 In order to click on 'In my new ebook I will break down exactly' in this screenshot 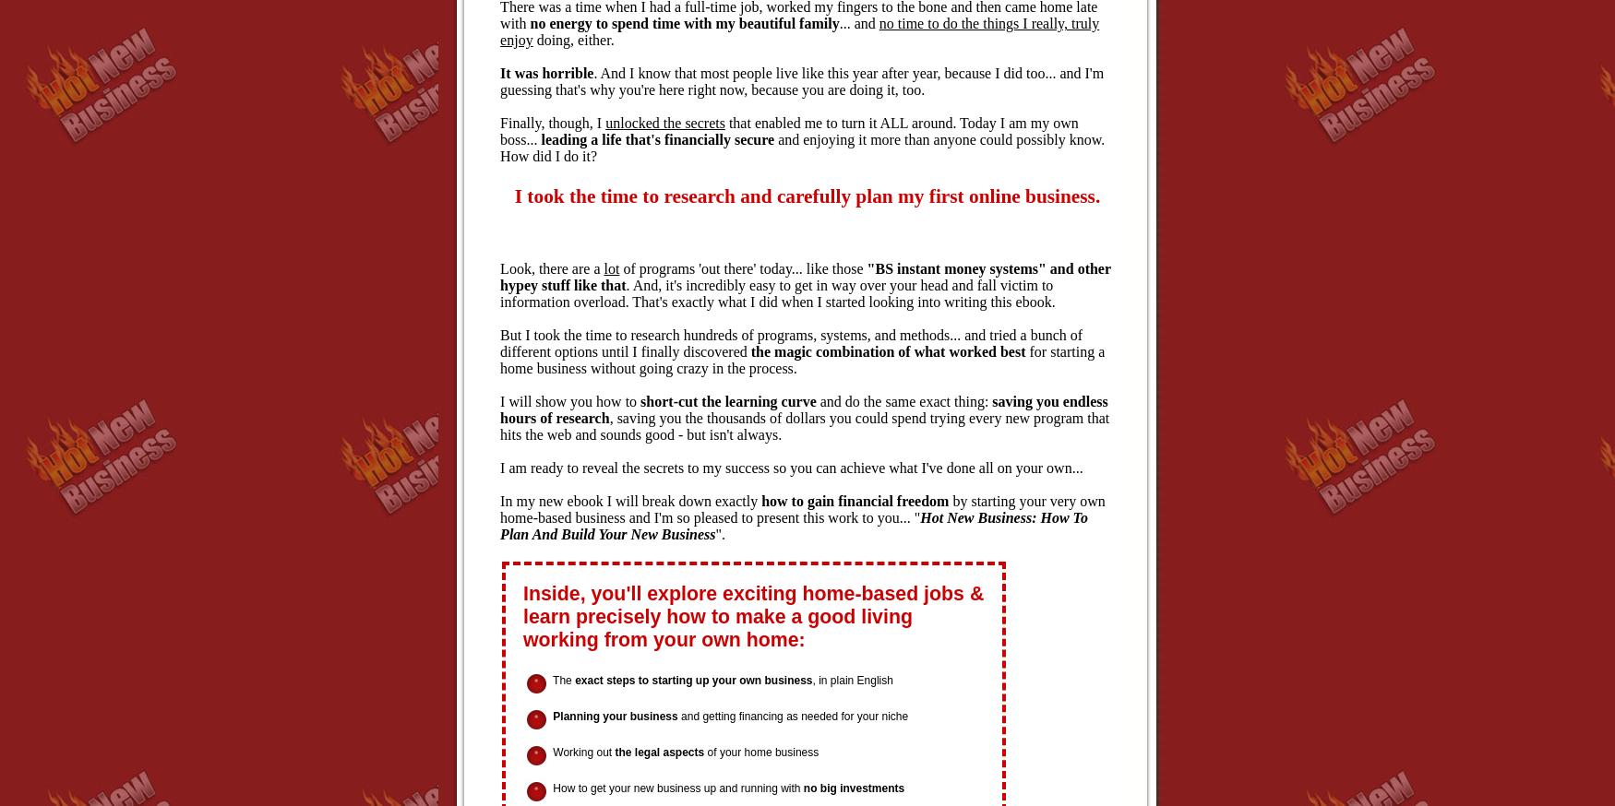, I will do `click(629, 501)`.